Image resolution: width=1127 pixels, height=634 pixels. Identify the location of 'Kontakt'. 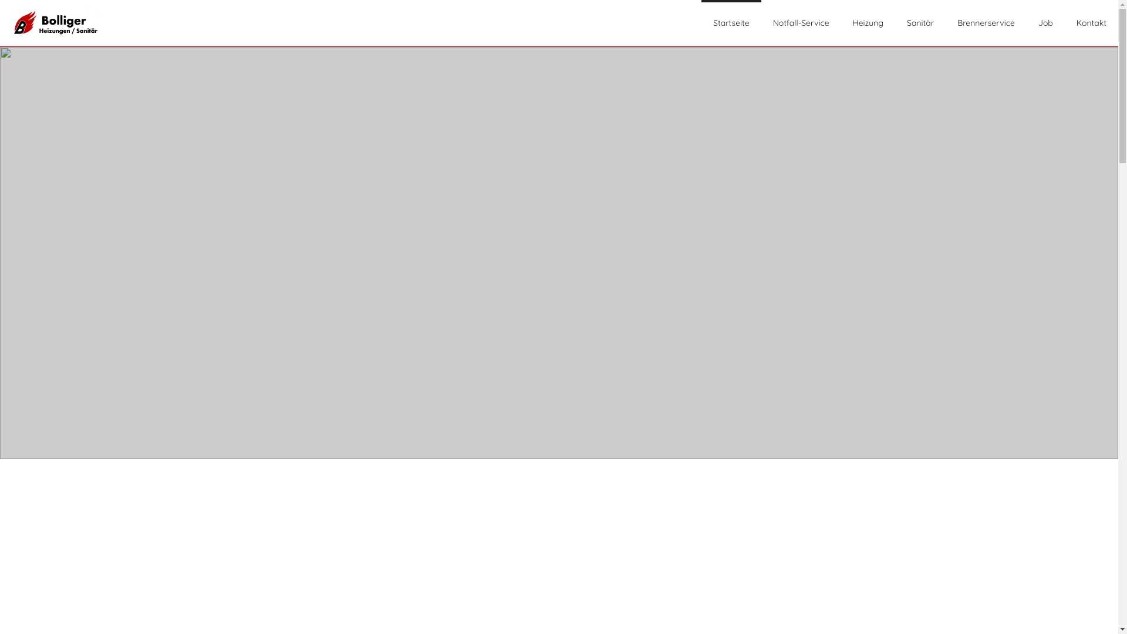
(1091, 23).